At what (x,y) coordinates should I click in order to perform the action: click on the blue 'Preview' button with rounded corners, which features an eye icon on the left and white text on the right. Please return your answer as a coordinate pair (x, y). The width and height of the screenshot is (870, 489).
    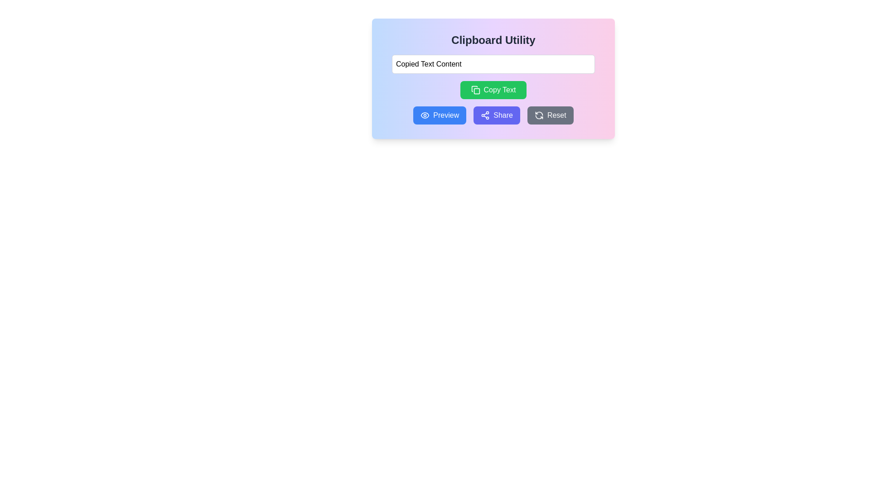
    Looking at the image, I should click on (440, 115).